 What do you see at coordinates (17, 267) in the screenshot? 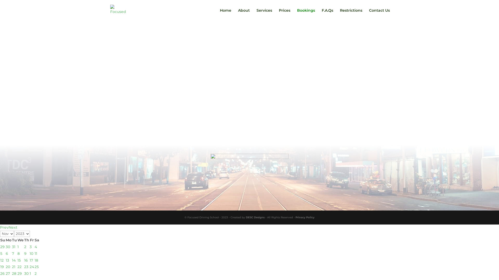
I see `'22'` at bounding box center [17, 267].